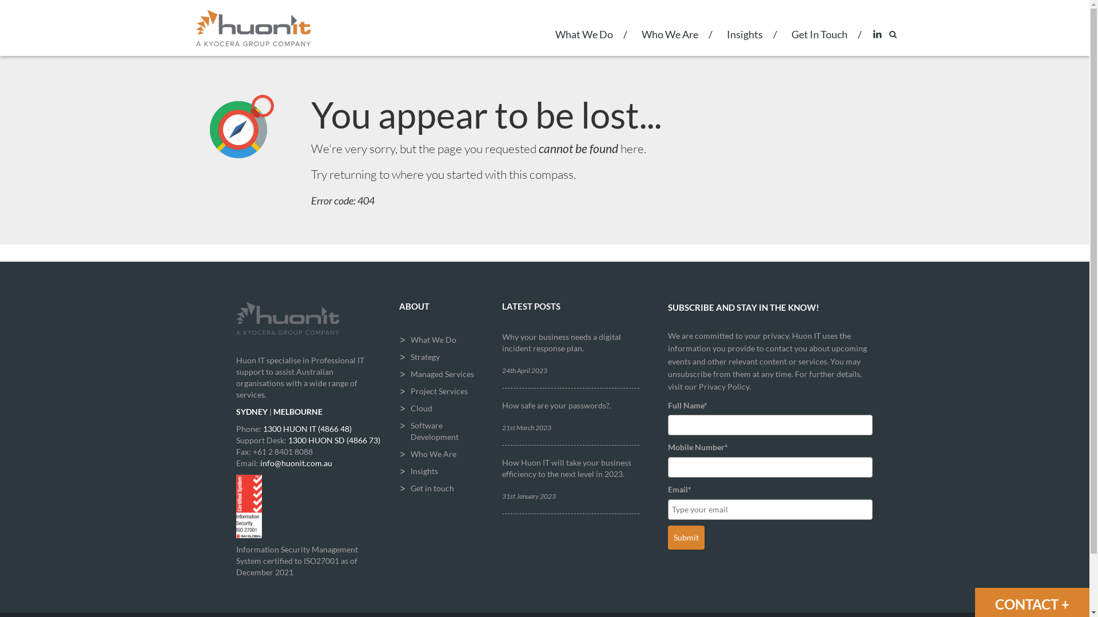 This screenshot has width=1098, height=617. What do you see at coordinates (307, 428) in the screenshot?
I see `'1300 HUON IT (4866 48)'` at bounding box center [307, 428].